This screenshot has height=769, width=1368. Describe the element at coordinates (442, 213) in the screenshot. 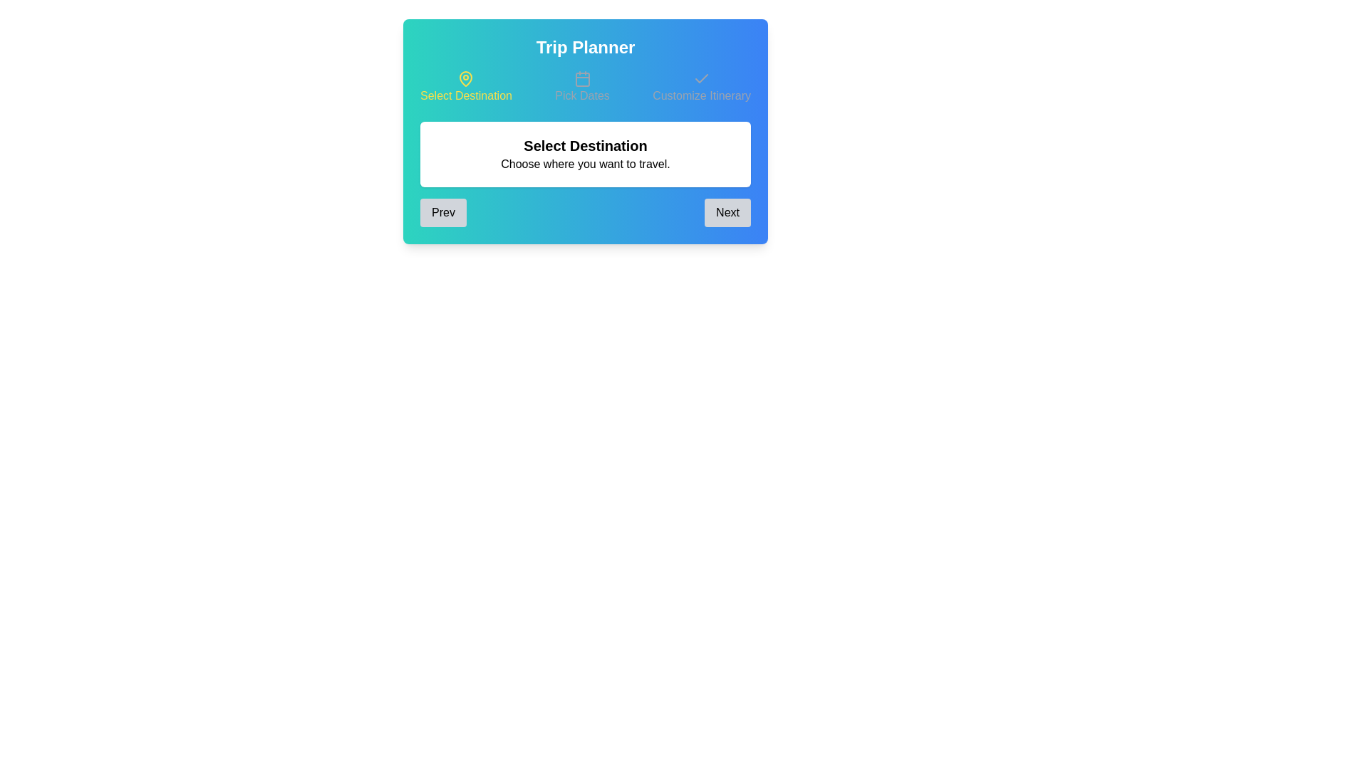

I see `the Prev button to navigate through the steps` at that location.